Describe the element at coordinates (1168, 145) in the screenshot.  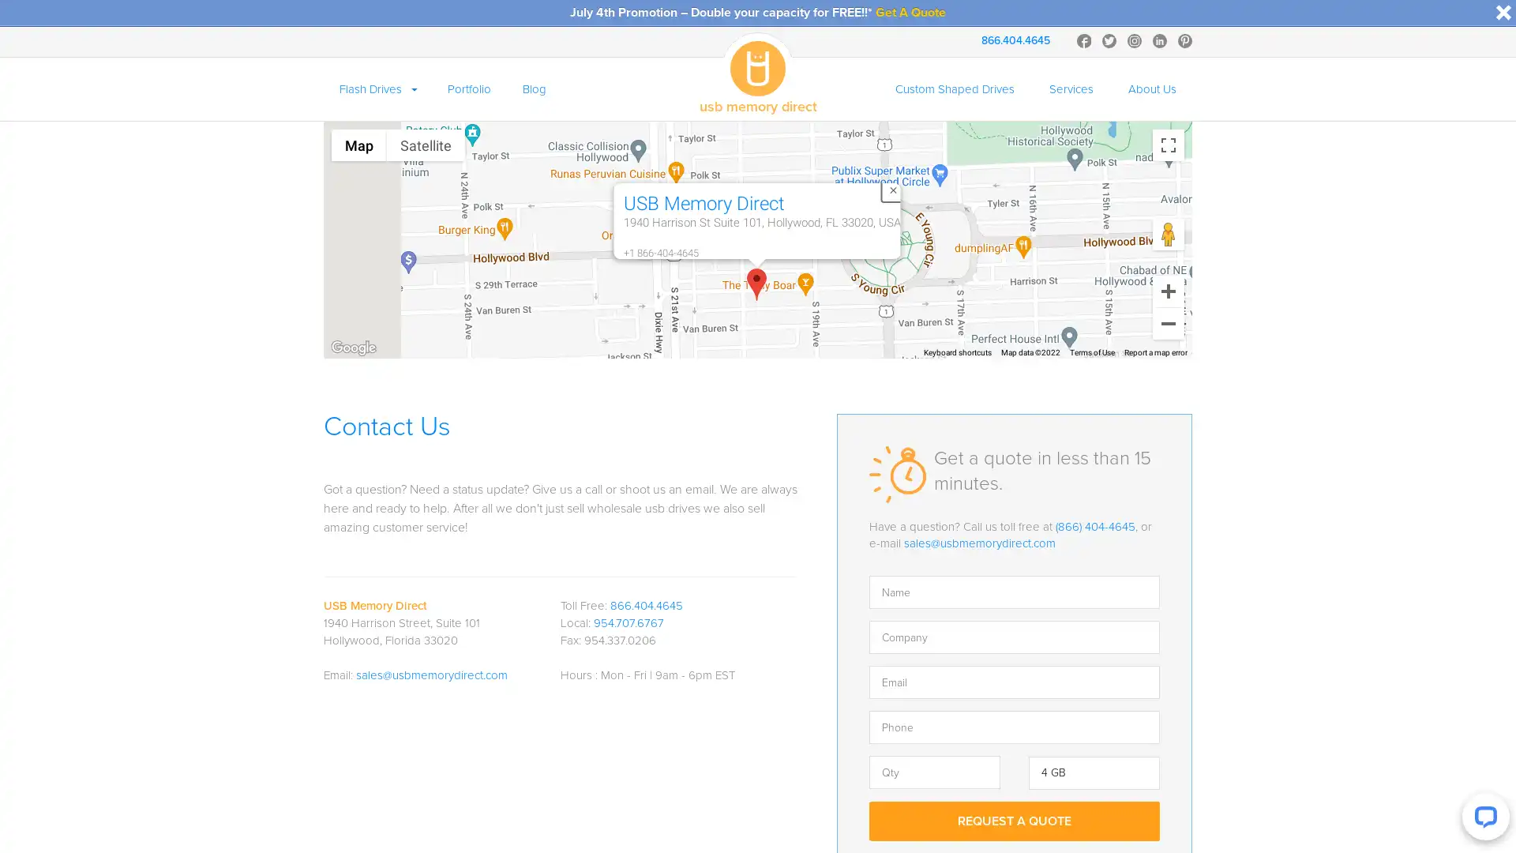
I see `Toggle fullscreen view` at that location.